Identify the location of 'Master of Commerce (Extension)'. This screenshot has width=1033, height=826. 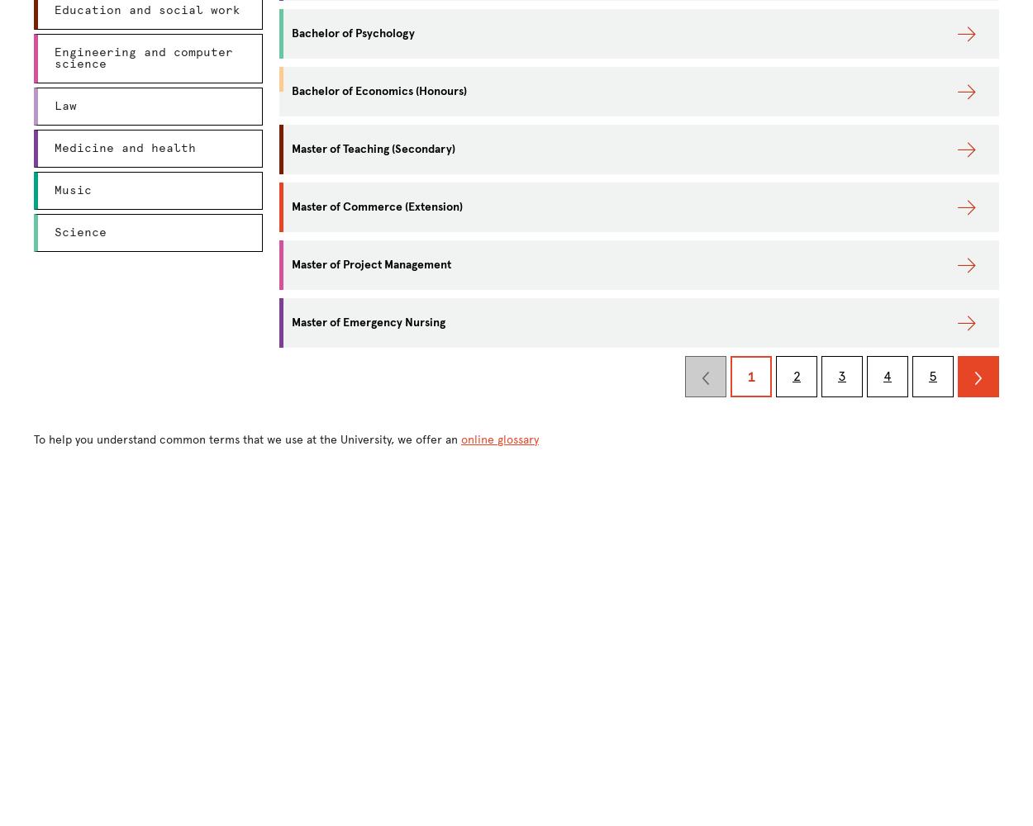
(376, 206).